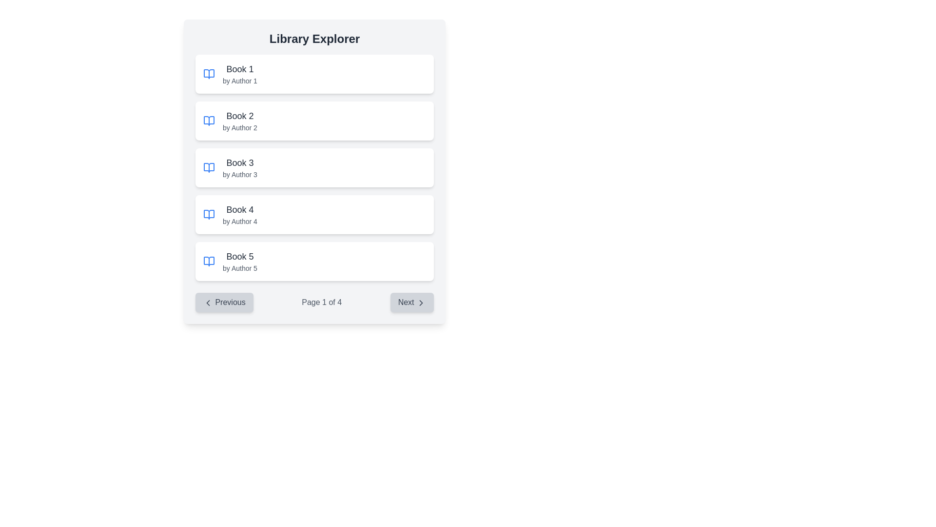  I want to click on text label styled in small gray font that reads 'by Author 3', located directly below the title 'Book 3' in the 'Library Explorer' interface, so click(240, 174).